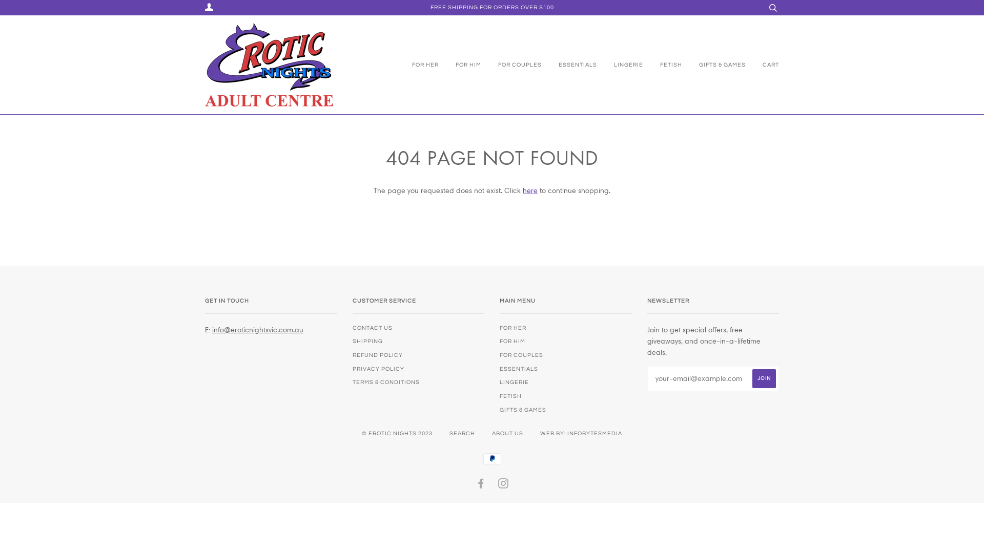 This screenshot has width=984, height=553. What do you see at coordinates (510, 395) in the screenshot?
I see `'FETISH'` at bounding box center [510, 395].